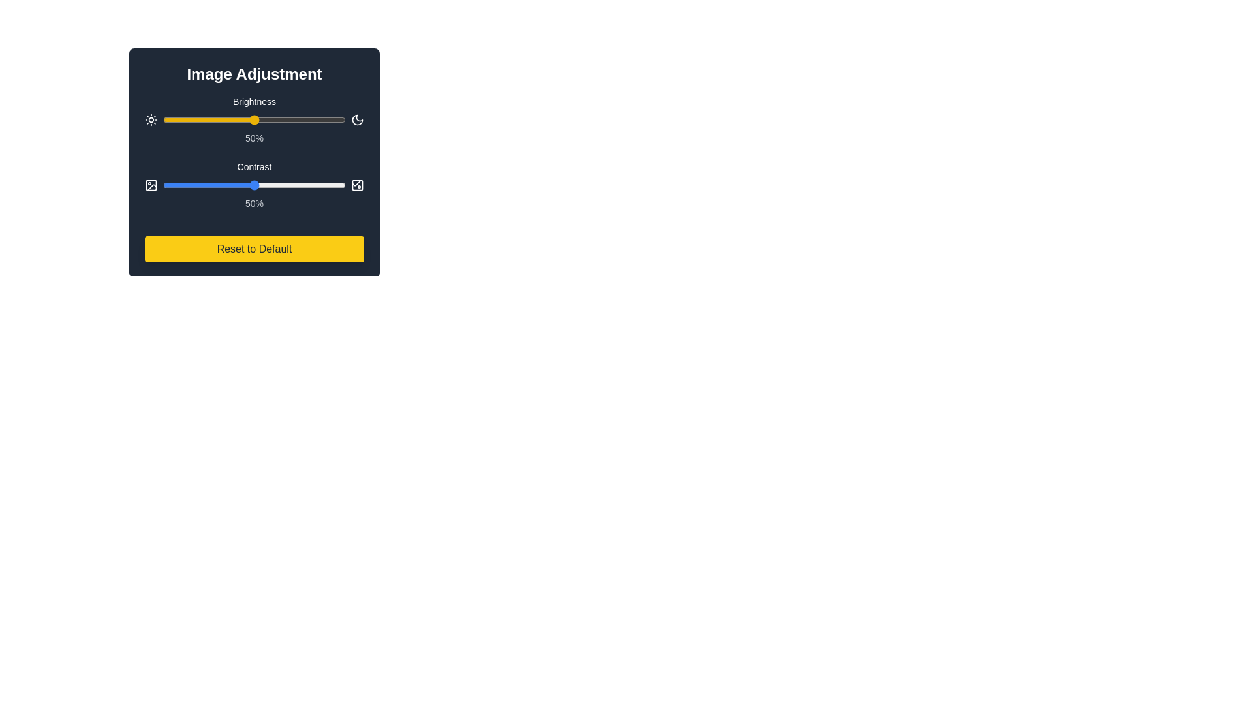  I want to click on the Text Label that describes the contrast adjustment slider, which is centrally located above the slider control labeled with the current value of 50%, so click(254, 166).